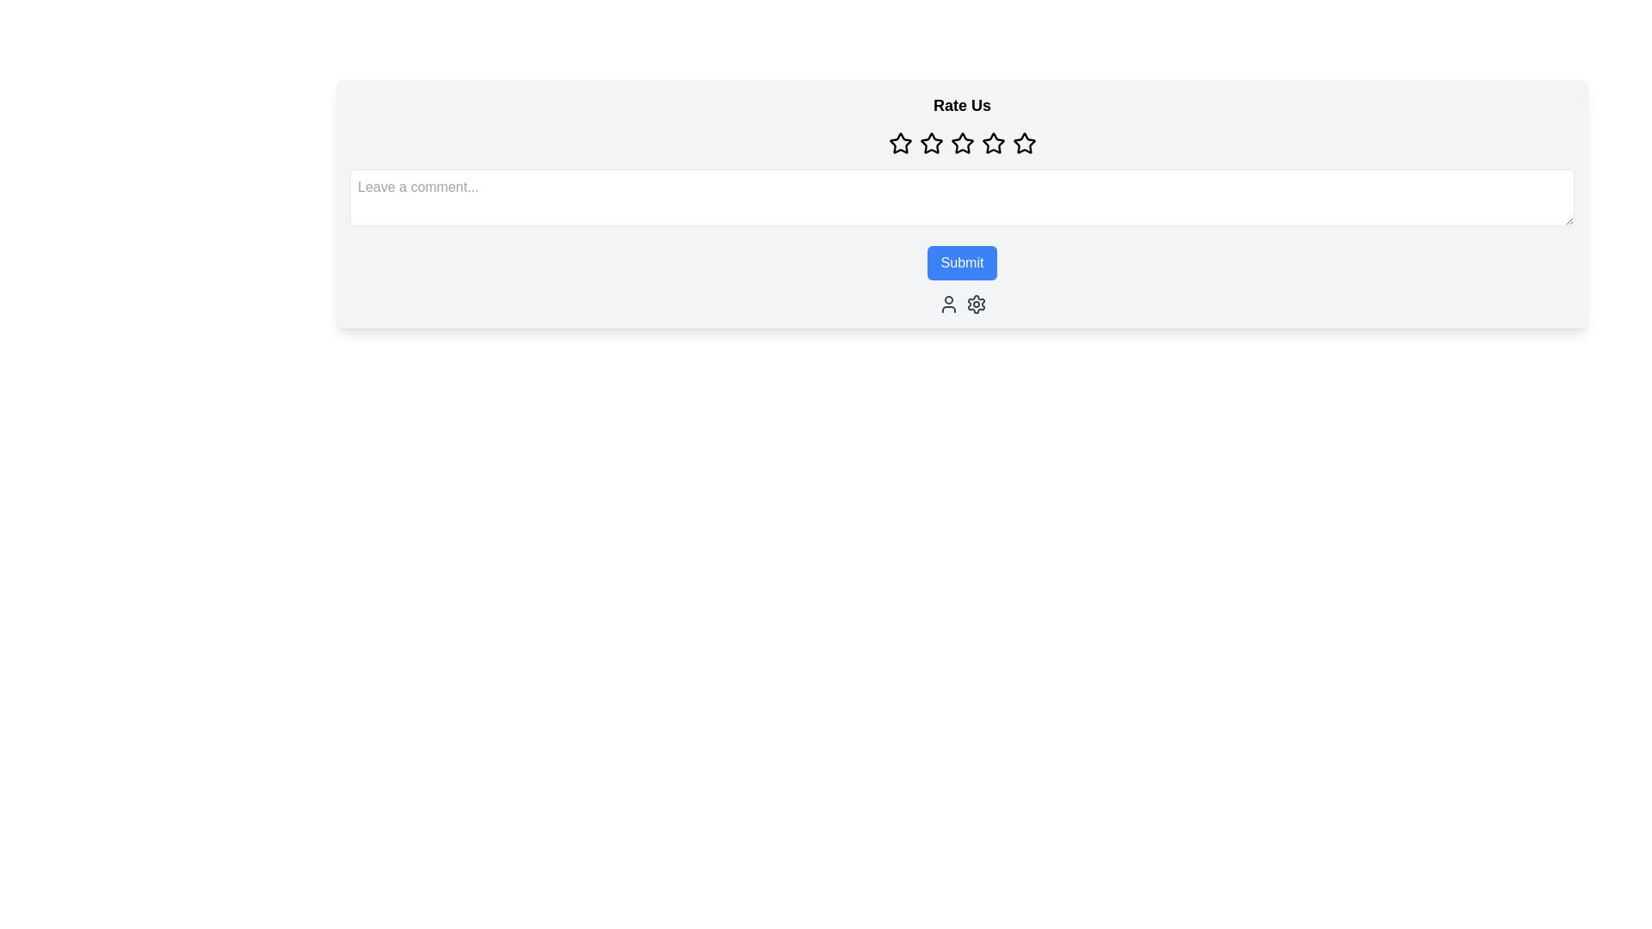 The width and height of the screenshot is (1652, 929). I want to click on the third star icon in the horizontal rating bar, so click(961, 142).